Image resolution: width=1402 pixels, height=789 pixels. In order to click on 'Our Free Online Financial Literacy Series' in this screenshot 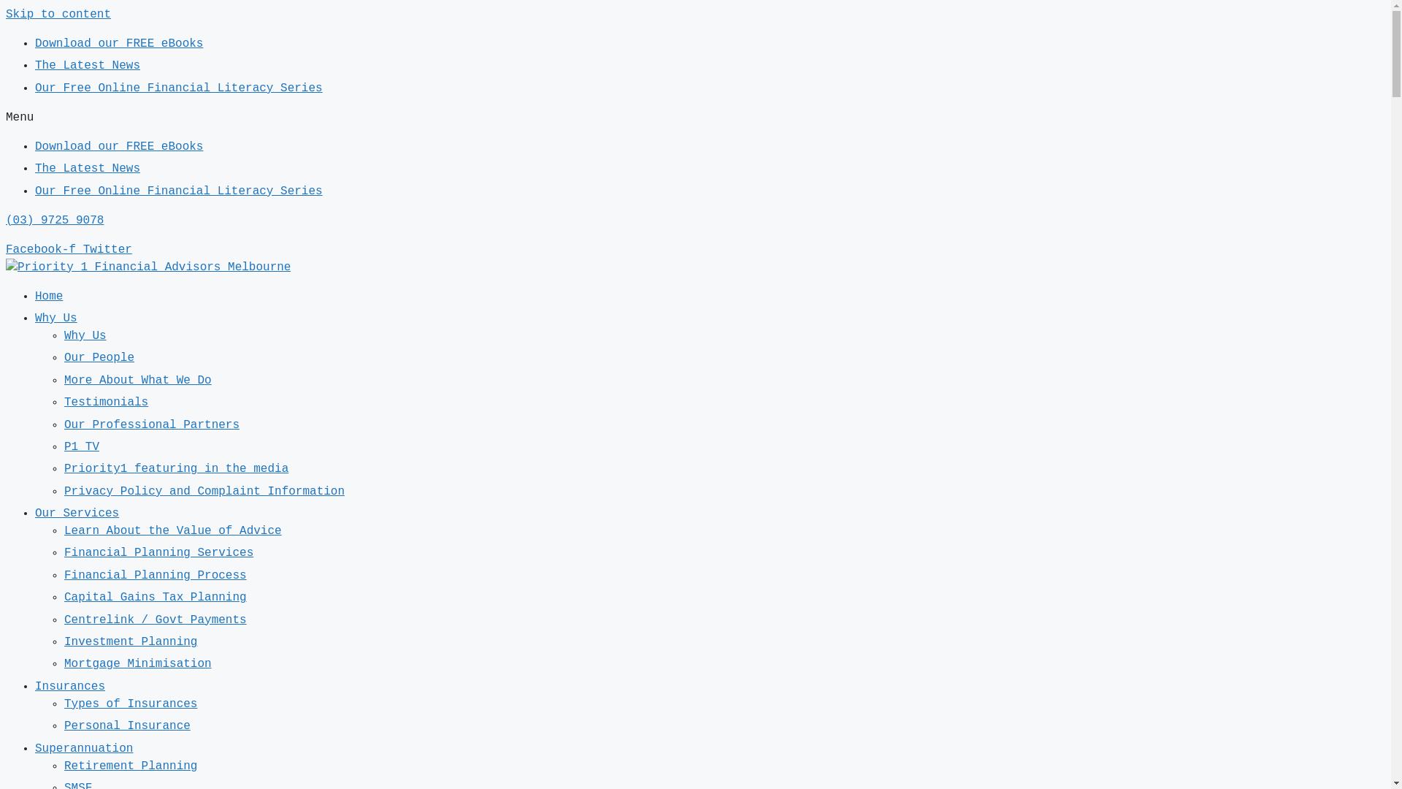, I will do `click(177, 88)`.